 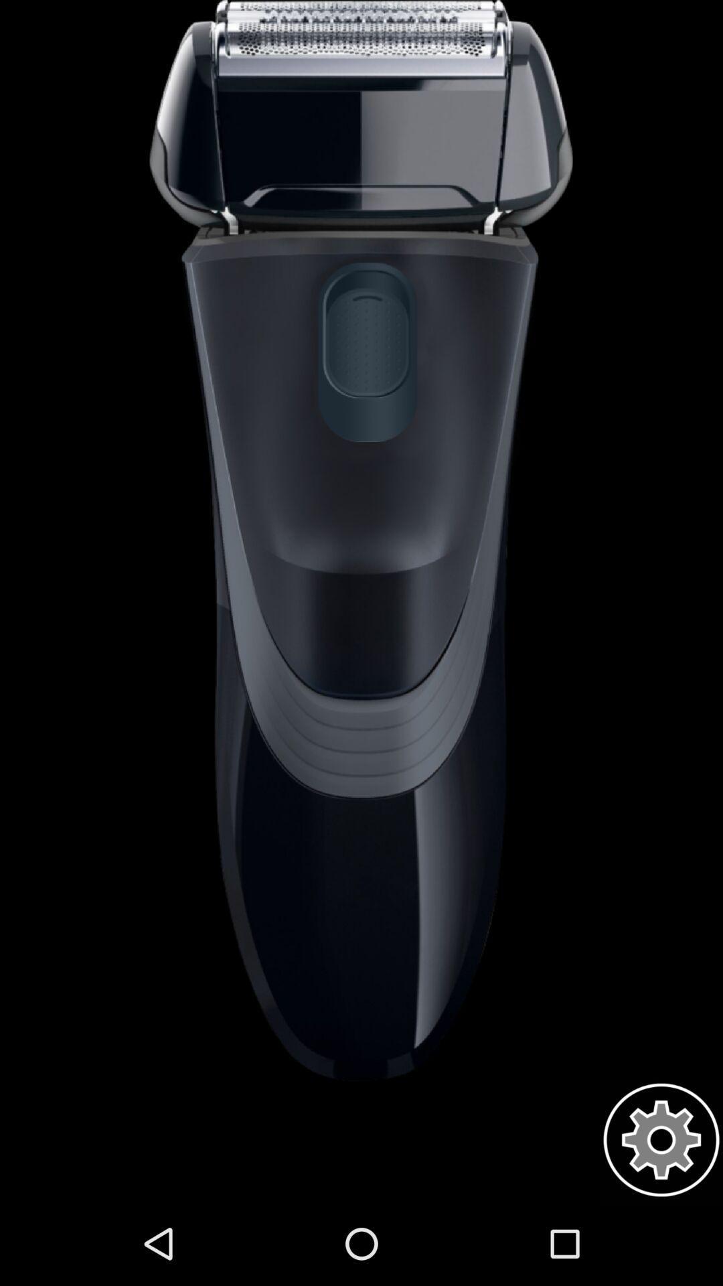 I want to click on settings, so click(x=661, y=1139).